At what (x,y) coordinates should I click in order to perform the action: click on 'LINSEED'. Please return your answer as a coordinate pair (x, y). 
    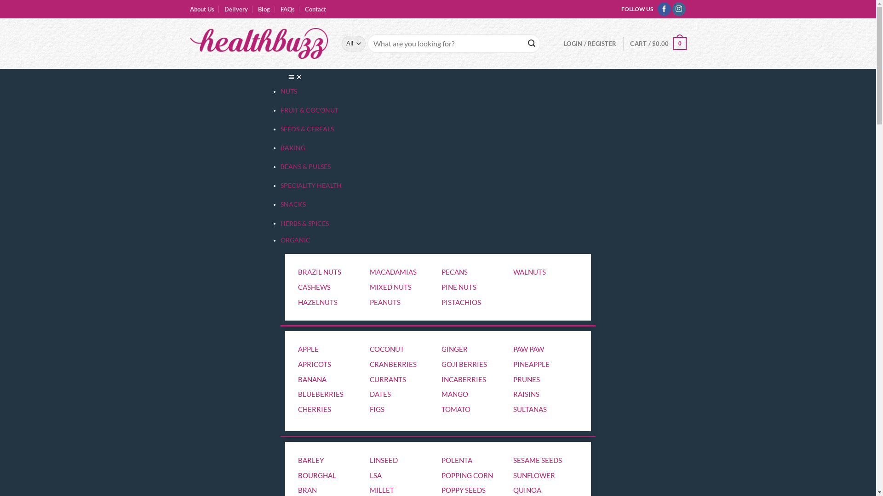
    Looking at the image, I should click on (384, 460).